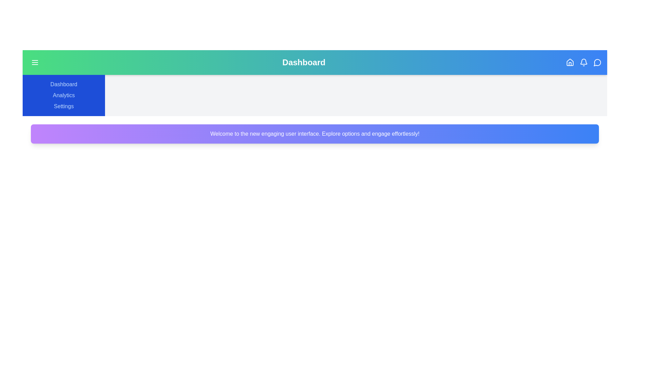 The image size is (659, 371). What do you see at coordinates (597, 62) in the screenshot?
I see `the 'MessageCircle' icon located in the top bar of the DashboardAppBar` at bounding box center [597, 62].